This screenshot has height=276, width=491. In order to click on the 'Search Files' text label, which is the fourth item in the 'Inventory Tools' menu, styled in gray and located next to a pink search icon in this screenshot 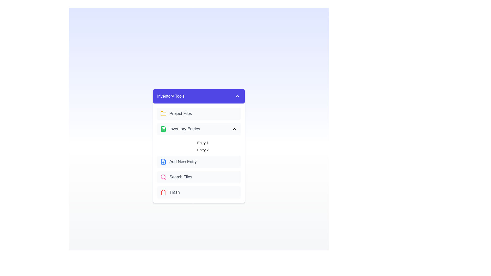, I will do `click(181, 177)`.